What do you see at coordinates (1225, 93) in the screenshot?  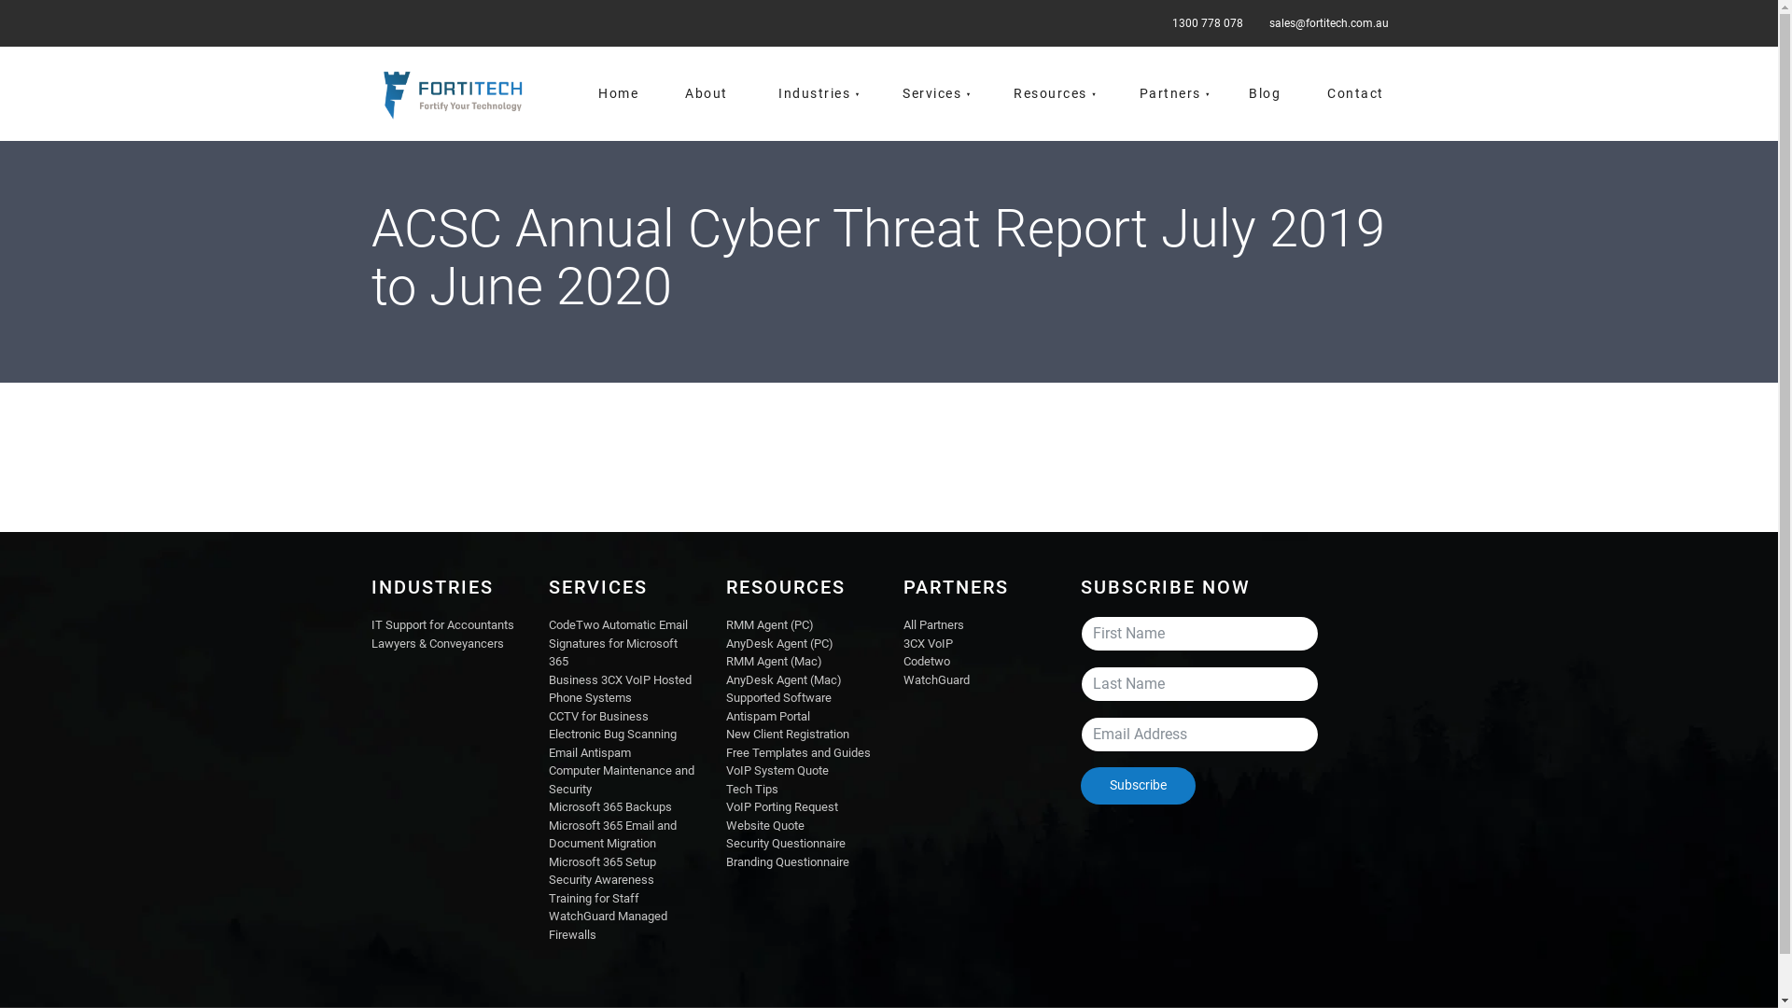 I see `'Blog'` at bounding box center [1225, 93].